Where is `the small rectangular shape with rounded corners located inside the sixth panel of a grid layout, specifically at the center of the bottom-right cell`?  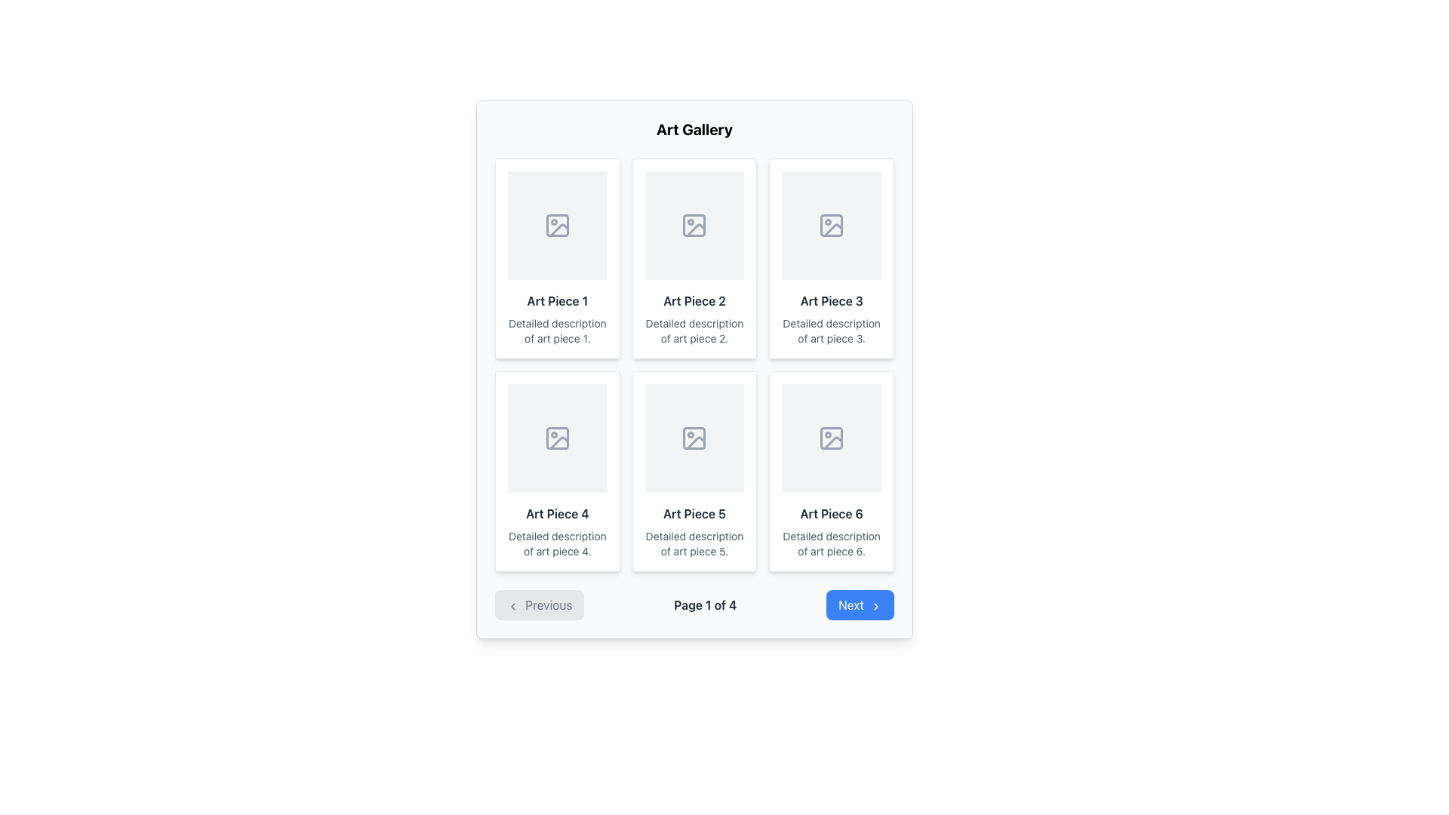 the small rectangular shape with rounded corners located inside the sixth panel of a grid layout, specifically at the center of the bottom-right cell is located at coordinates (831, 438).